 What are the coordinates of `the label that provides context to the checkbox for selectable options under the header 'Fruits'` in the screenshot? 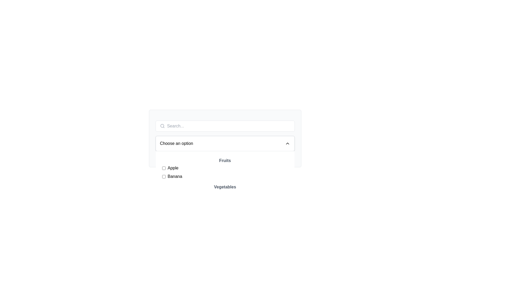 It's located at (173, 168).